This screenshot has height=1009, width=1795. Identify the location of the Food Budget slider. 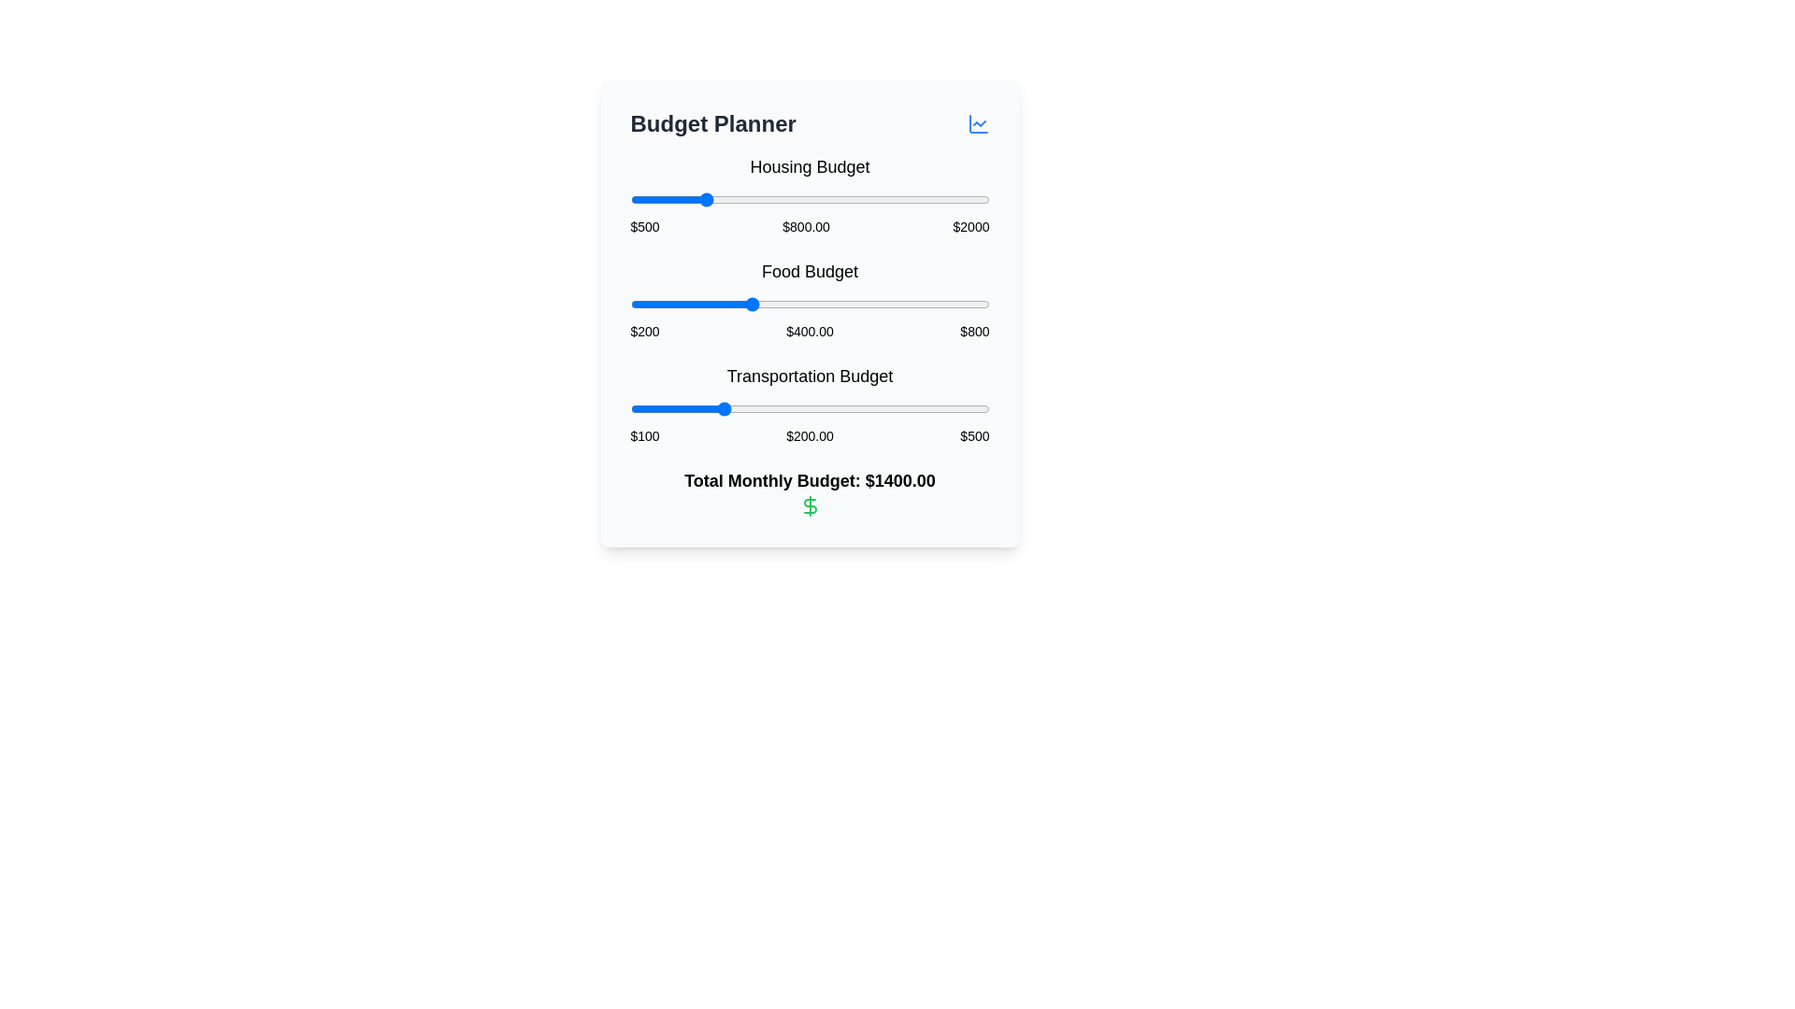
(790, 304).